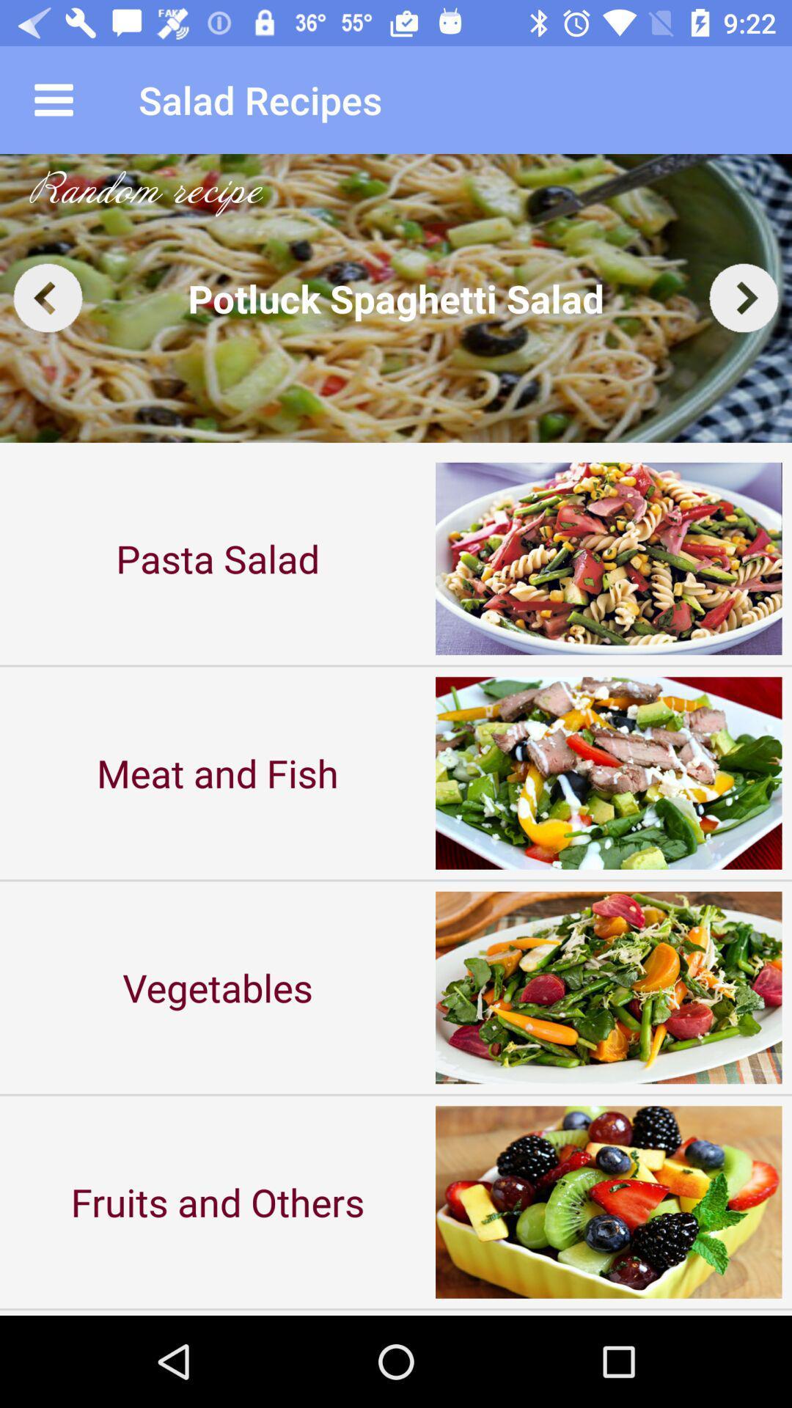 This screenshot has height=1408, width=792. Describe the element at coordinates (218, 1202) in the screenshot. I see `the fruits and others` at that location.